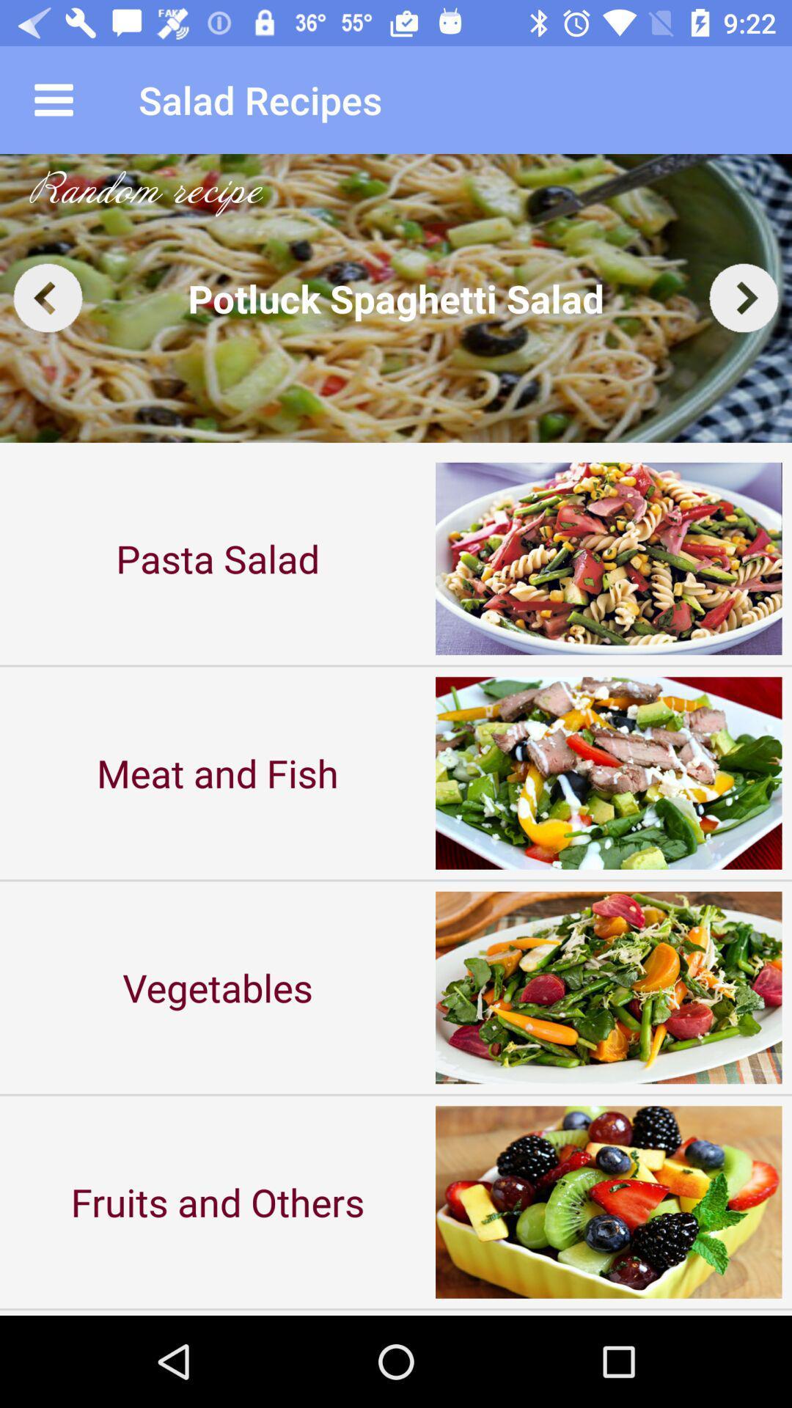 This screenshot has height=1408, width=792. Describe the element at coordinates (218, 1202) in the screenshot. I see `the fruits and others` at that location.